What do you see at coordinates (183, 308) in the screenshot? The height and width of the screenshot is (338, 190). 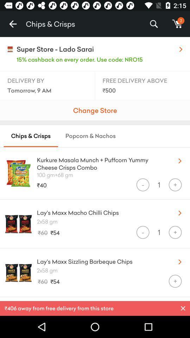 I see `the close icon` at bounding box center [183, 308].